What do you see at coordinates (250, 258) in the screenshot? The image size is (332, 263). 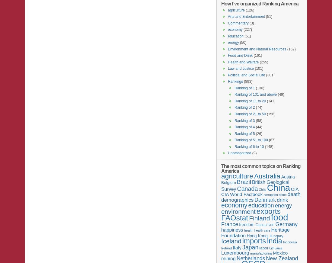 I see `'Netherlands'` at bounding box center [250, 258].